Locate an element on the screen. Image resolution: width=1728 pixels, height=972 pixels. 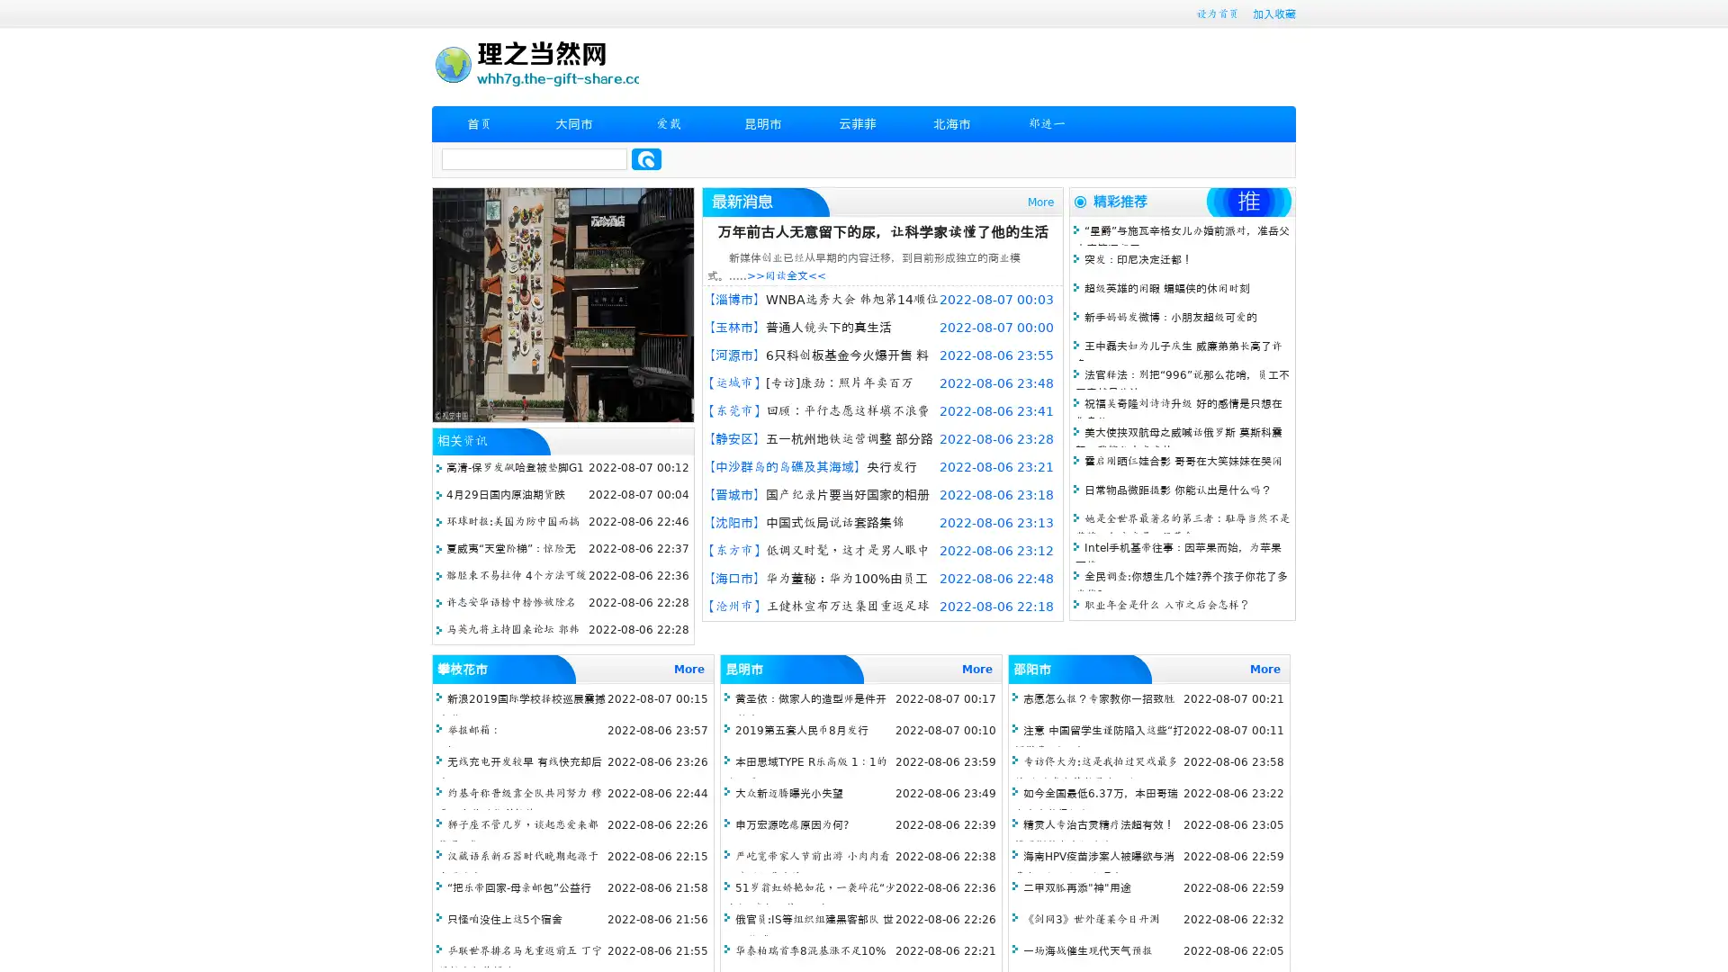
Search is located at coordinates (646, 158).